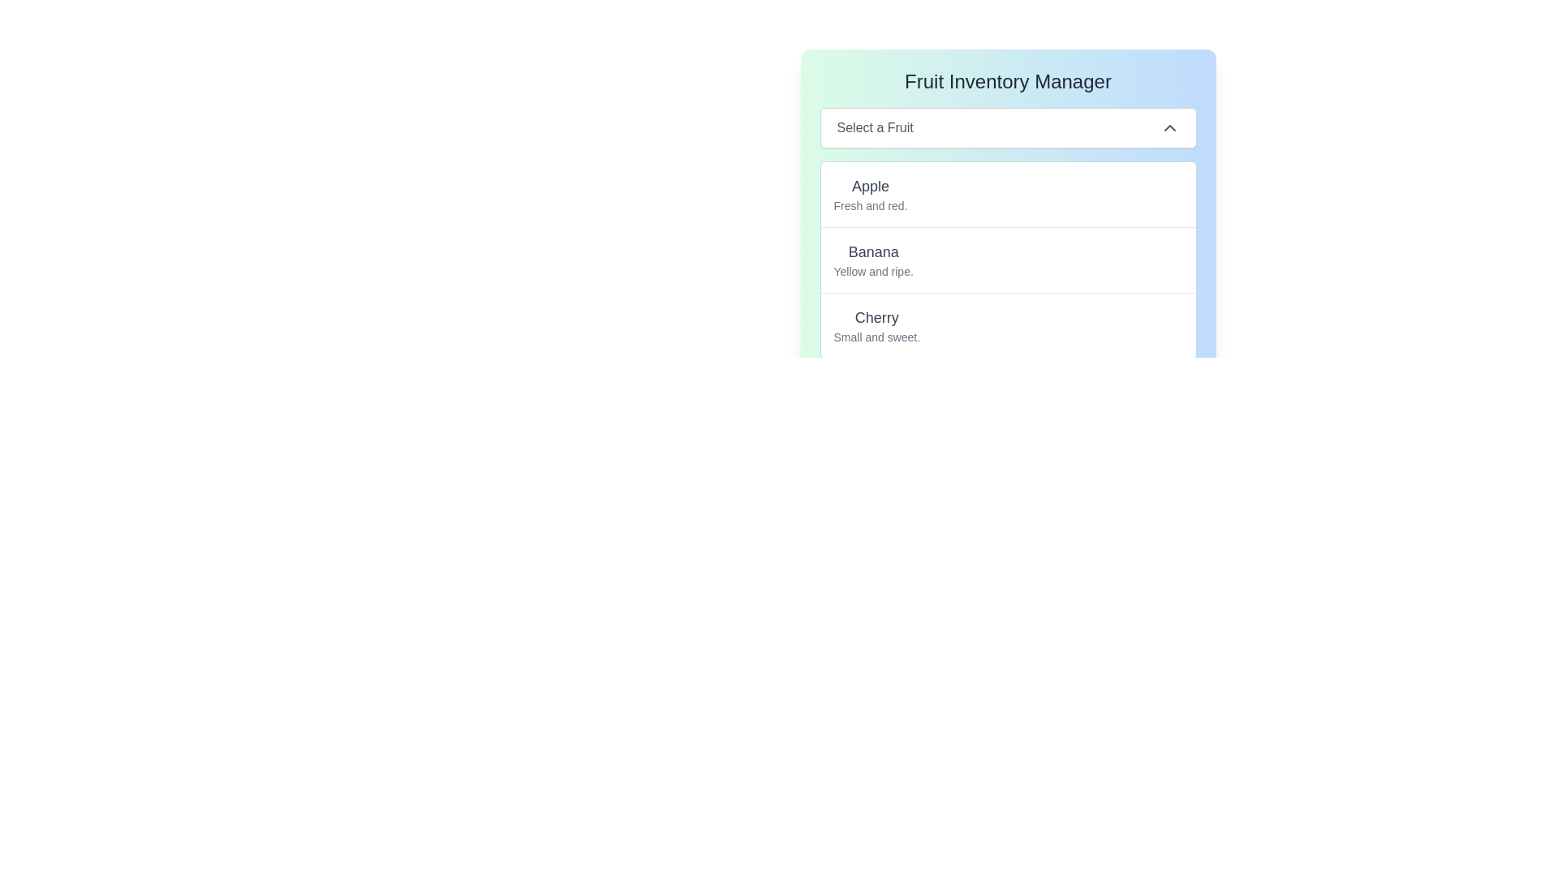  I want to click on the descriptive text label 'Yellow and ripe.' located beneath the 'Banana' heading in the fruit list, so click(872, 271).